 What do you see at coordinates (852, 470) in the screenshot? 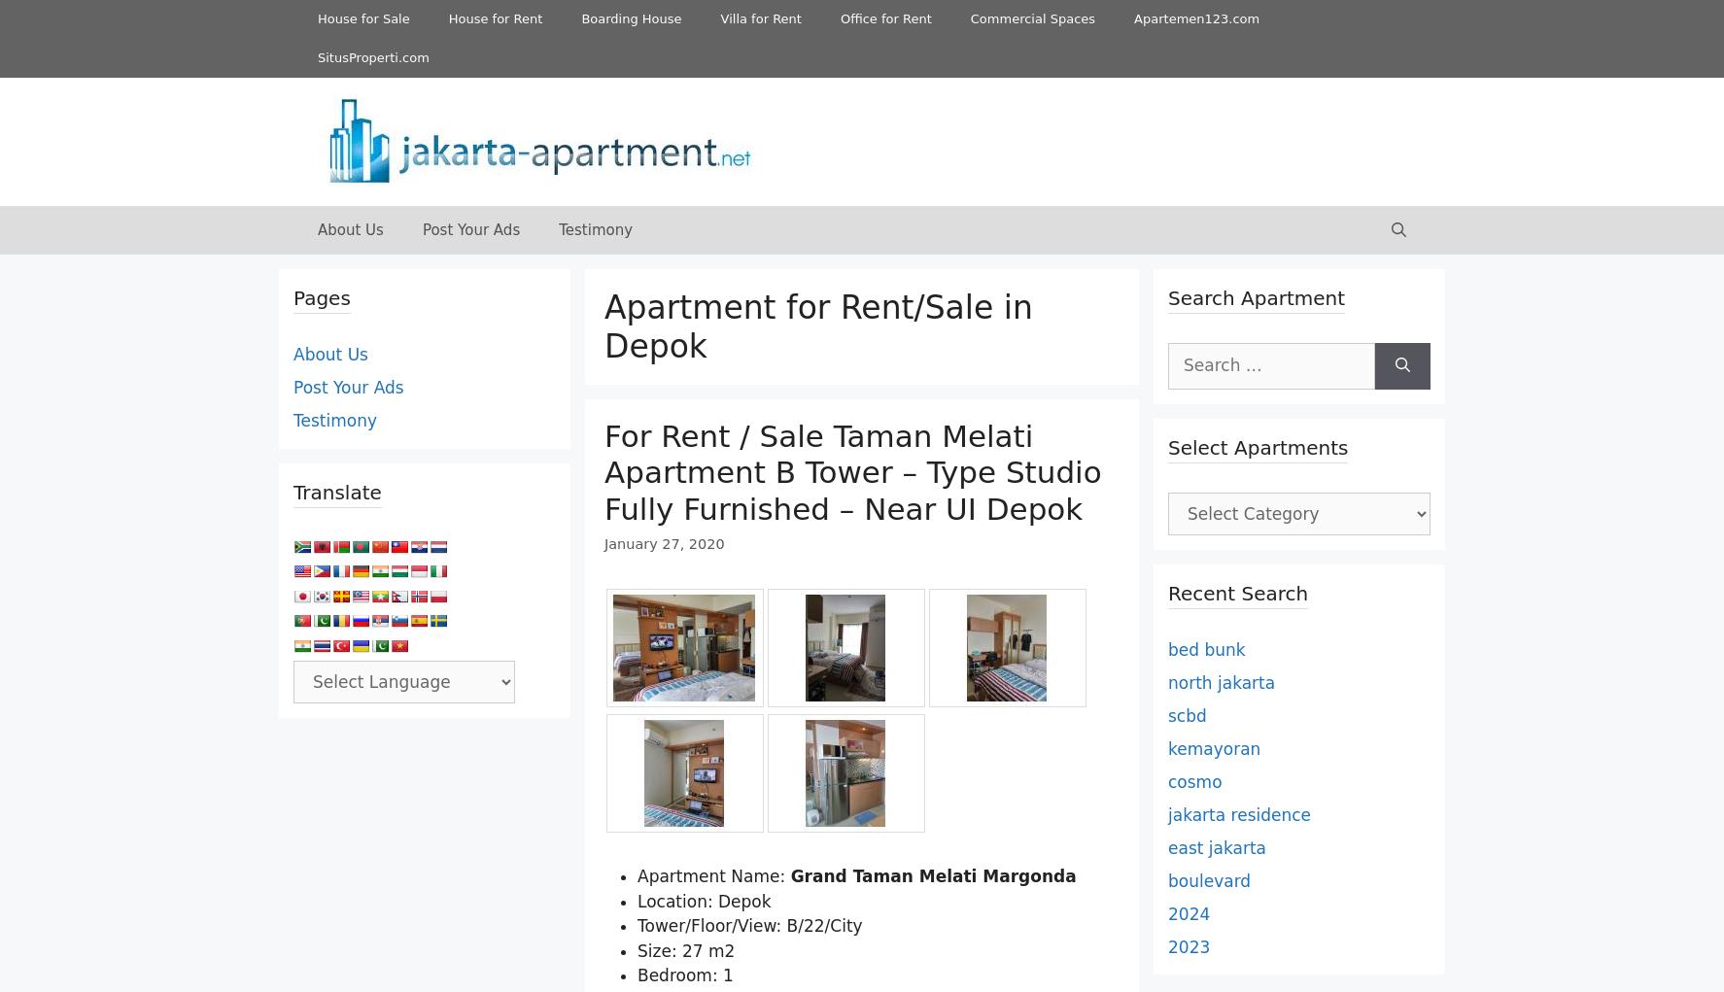
I see `'For Rent / Sale Taman Melati Apartment B Tower – Type Studio Fully Furnished – Near UI Depok'` at bounding box center [852, 470].